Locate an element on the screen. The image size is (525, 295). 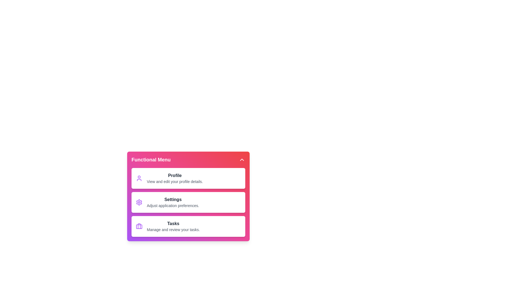
the menu item labeled 'Profile' to observe its hover effect is located at coordinates (188, 178).